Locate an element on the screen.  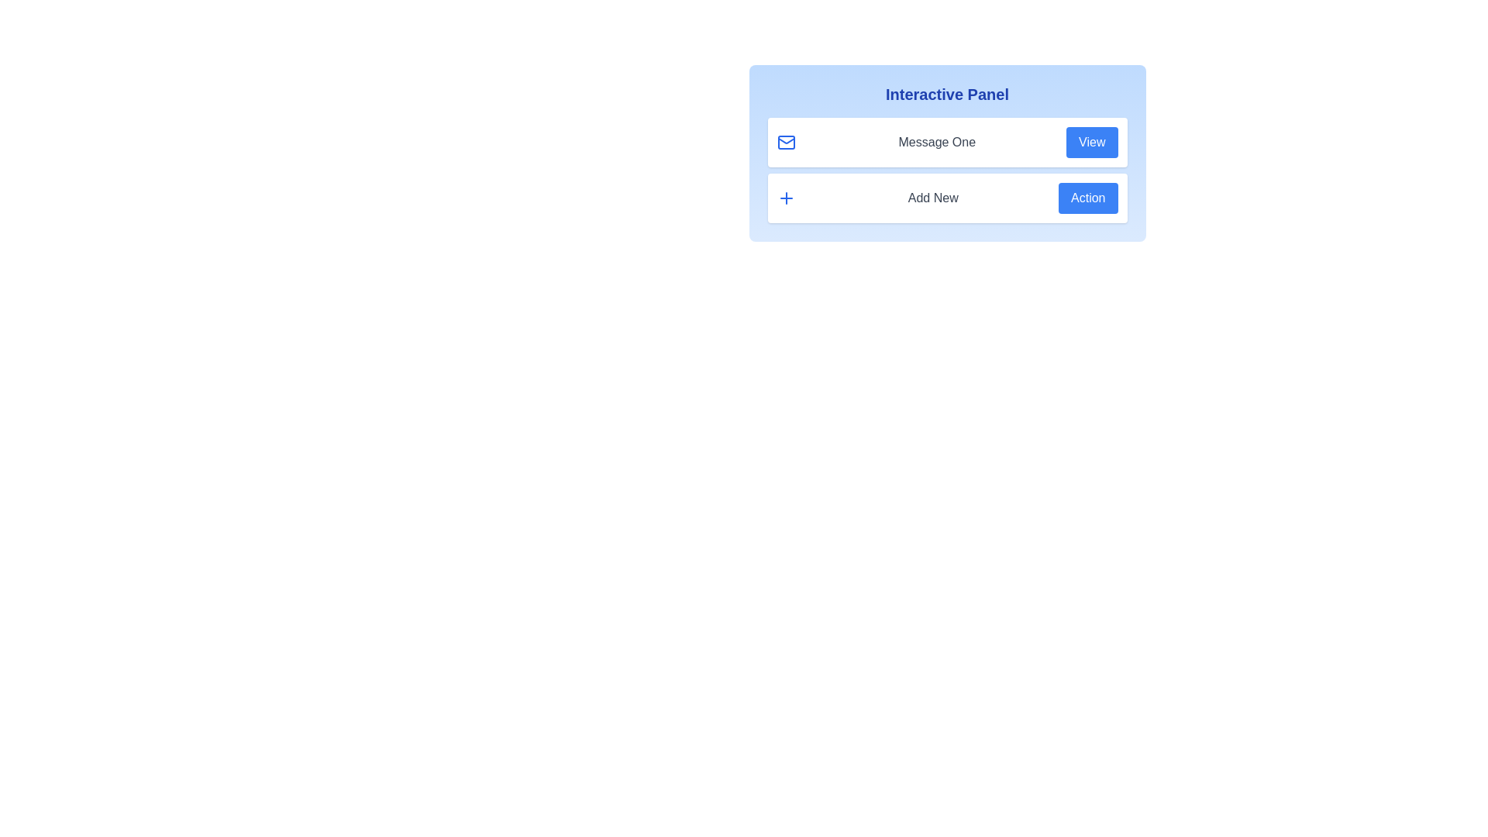
the 'View' button associated with 'Message One' is located at coordinates (1091, 143).